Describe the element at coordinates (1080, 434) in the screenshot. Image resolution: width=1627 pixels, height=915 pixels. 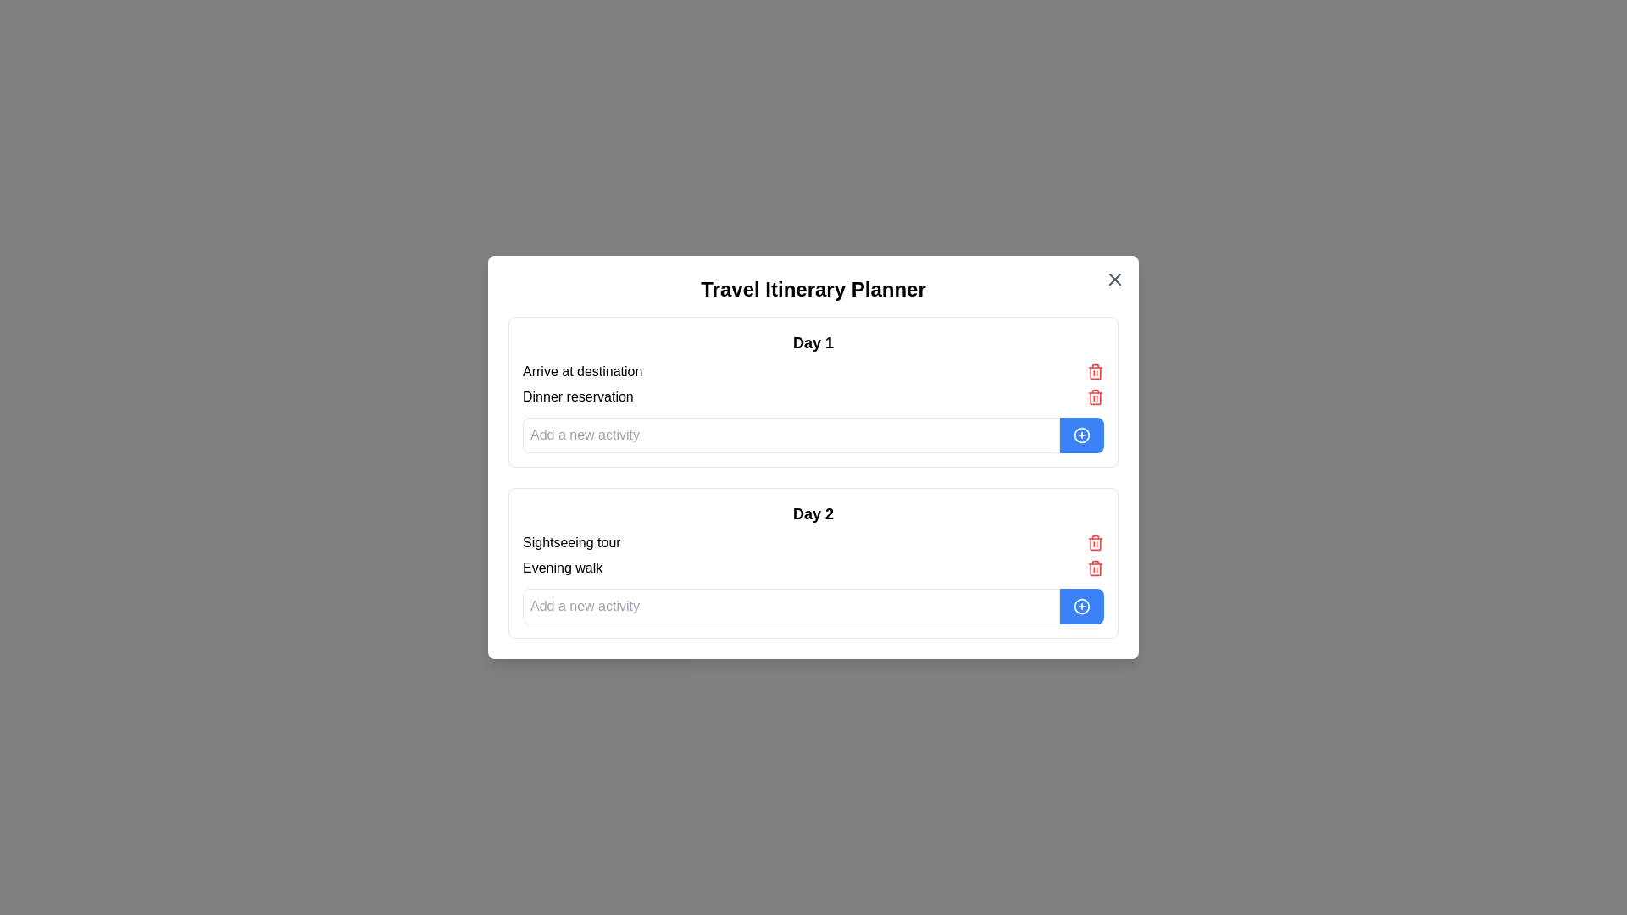
I see `the small blue button with a plus sign` at that location.